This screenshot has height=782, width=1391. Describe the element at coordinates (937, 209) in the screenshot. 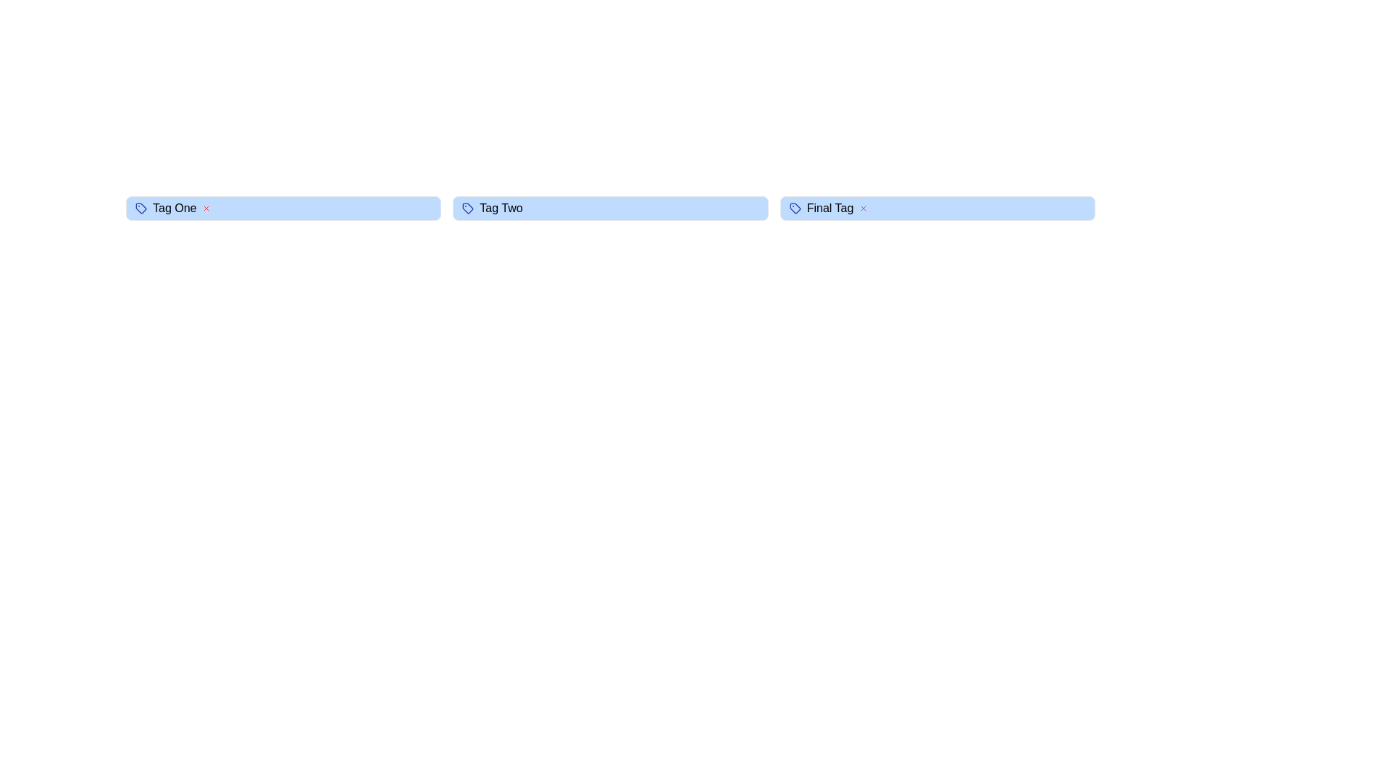

I see `the Tag element labeled 'Final Tag' with a small red 'x' icon` at that location.